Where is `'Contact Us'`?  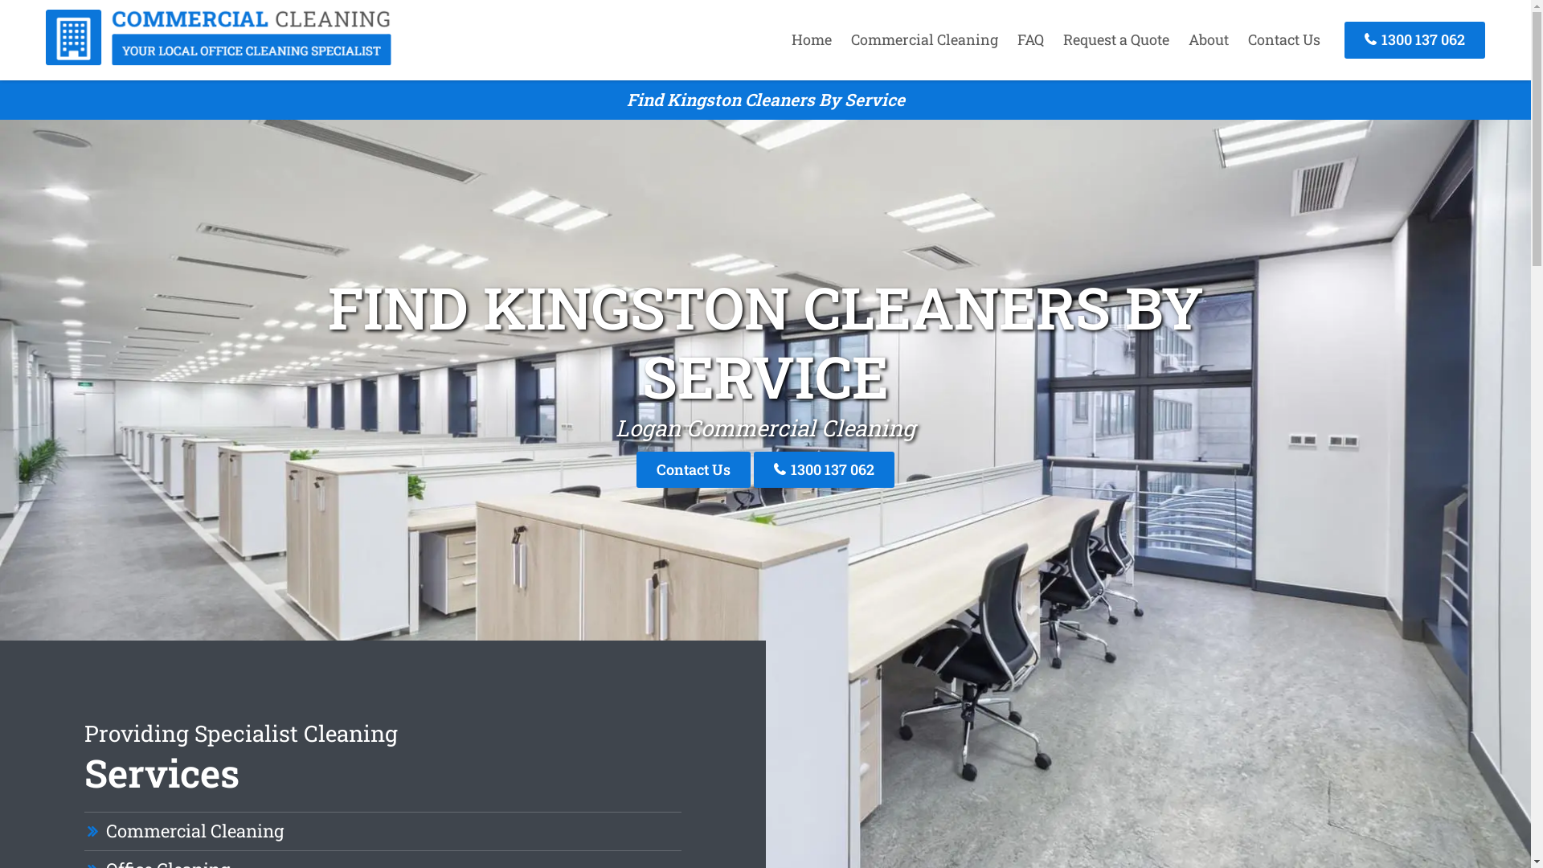 'Contact Us' is located at coordinates (1283, 39).